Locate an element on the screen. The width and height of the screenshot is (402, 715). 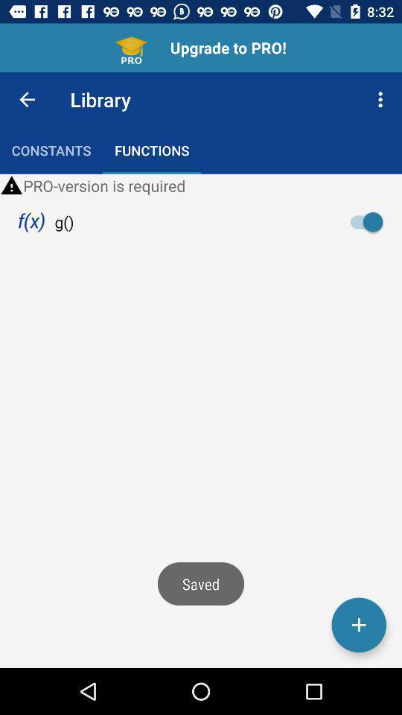
the g() item is located at coordinates (63, 221).